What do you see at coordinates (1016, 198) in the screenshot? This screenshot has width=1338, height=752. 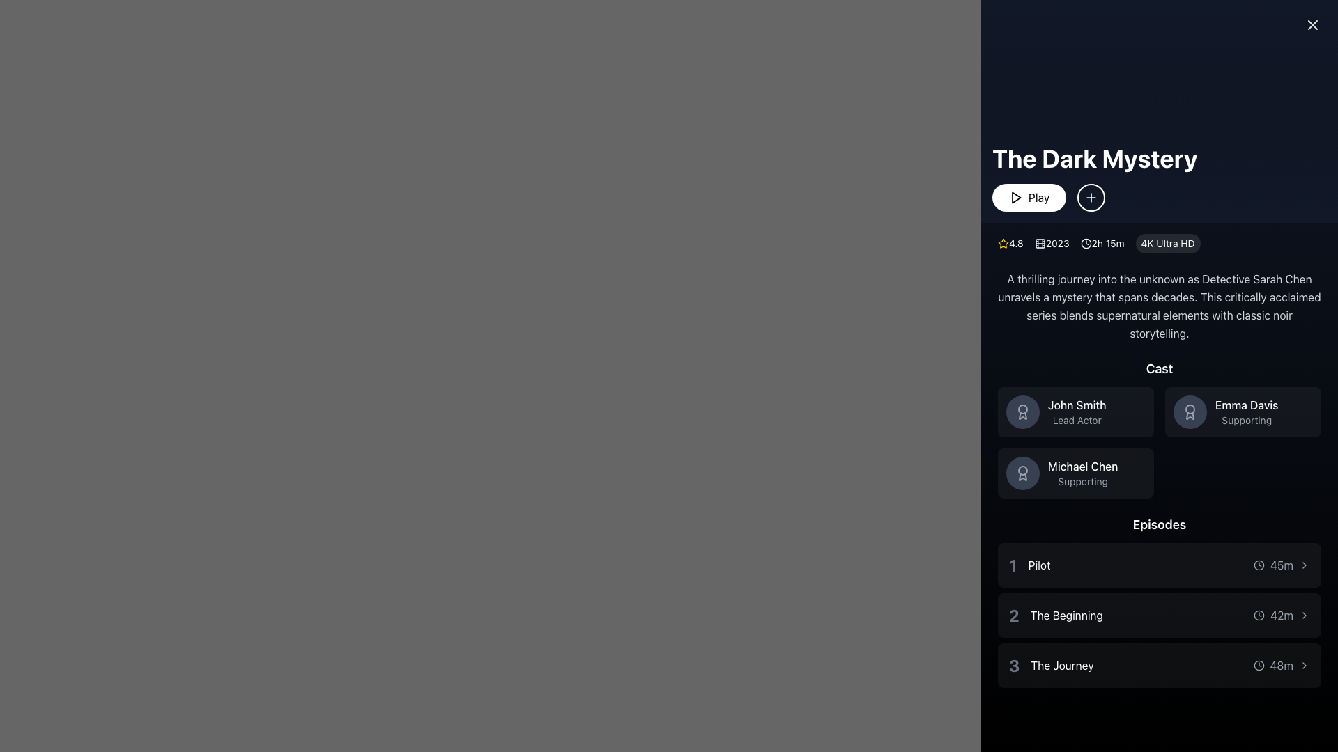 I see `the 'Play' button to initiate playback for 'The Dark Mystery' content` at bounding box center [1016, 198].